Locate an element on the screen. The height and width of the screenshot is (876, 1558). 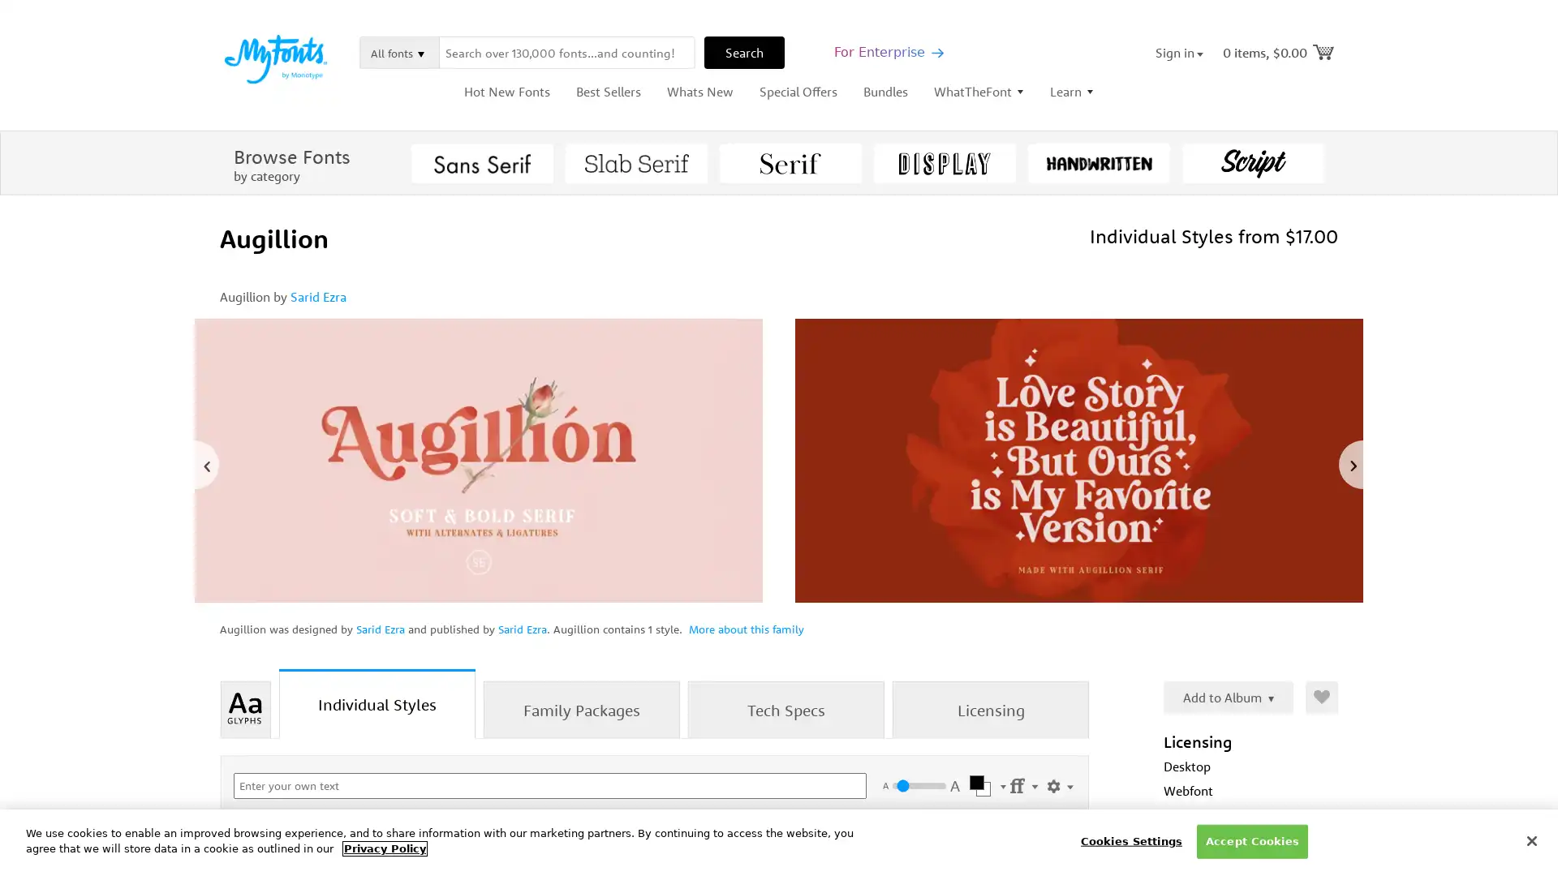
Learn is located at coordinates (1071, 91).